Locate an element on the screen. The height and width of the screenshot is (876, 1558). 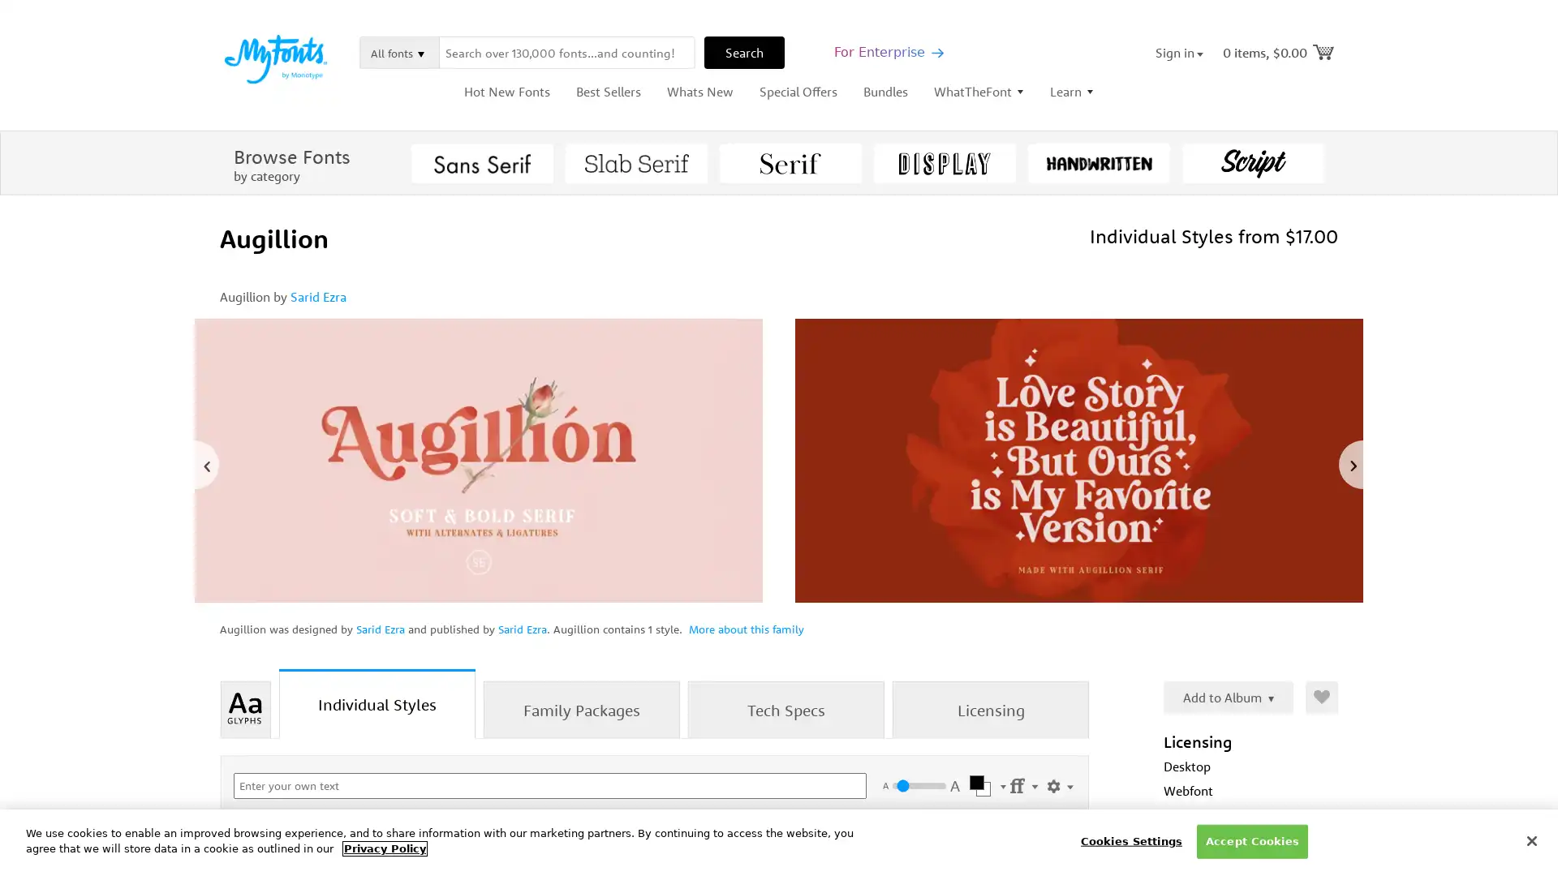
Learn is located at coordinates (1071, 91).